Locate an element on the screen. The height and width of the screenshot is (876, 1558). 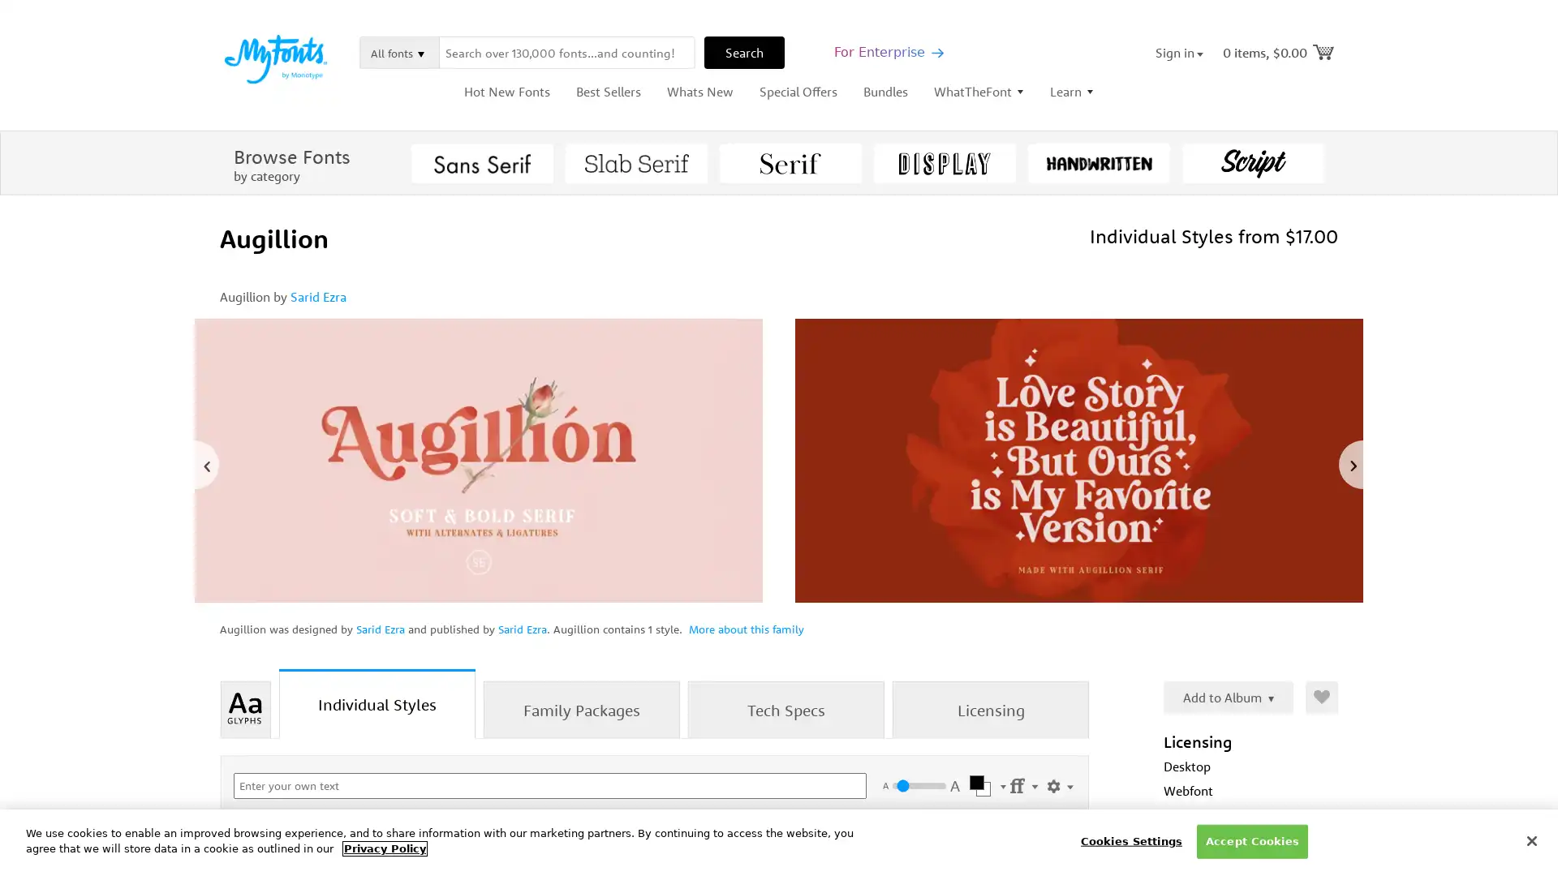
Learn is located at coordinates (1071, 91).